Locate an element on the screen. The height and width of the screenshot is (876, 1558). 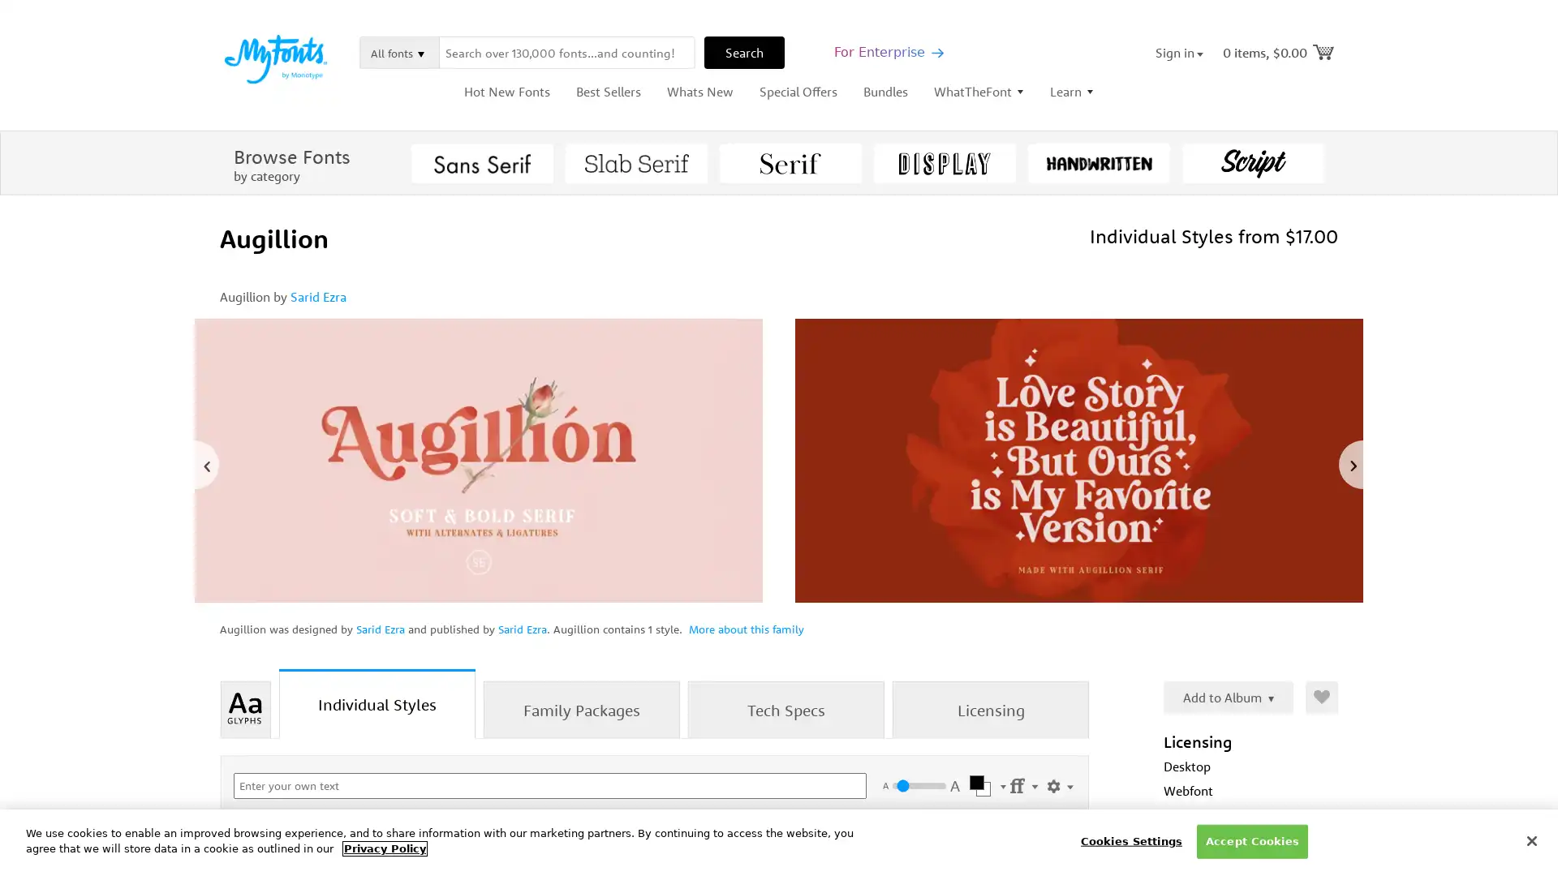
Learn is located at coordinates (1071, 91).